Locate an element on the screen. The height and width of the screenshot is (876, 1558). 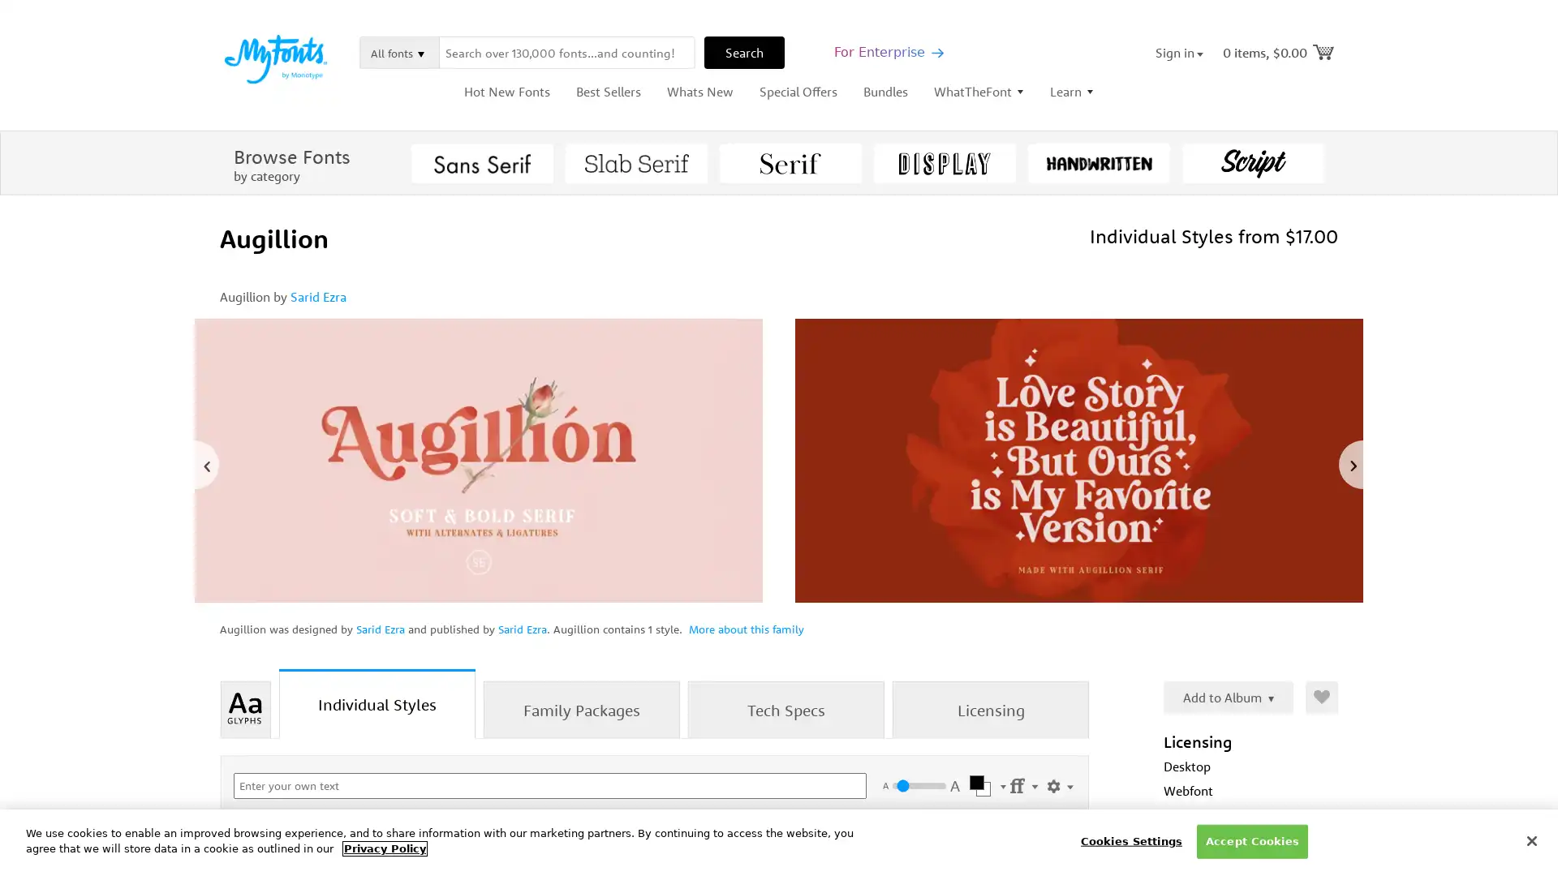
Learn is located at coordinates (1071, 91).